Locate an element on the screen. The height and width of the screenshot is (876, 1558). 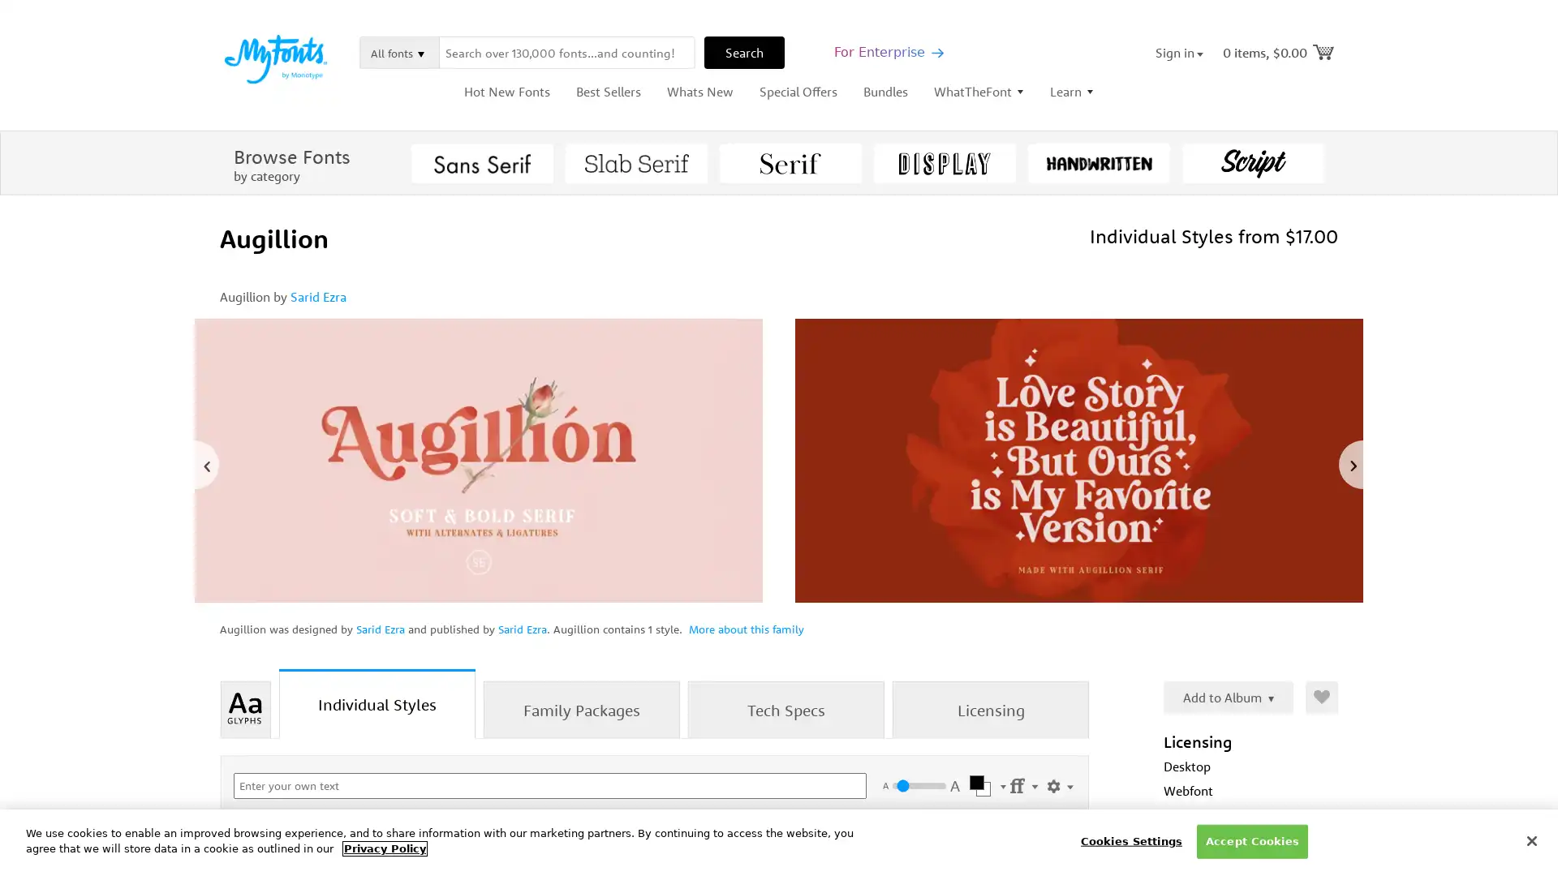
Learn is located at coordinates (1071, 91).